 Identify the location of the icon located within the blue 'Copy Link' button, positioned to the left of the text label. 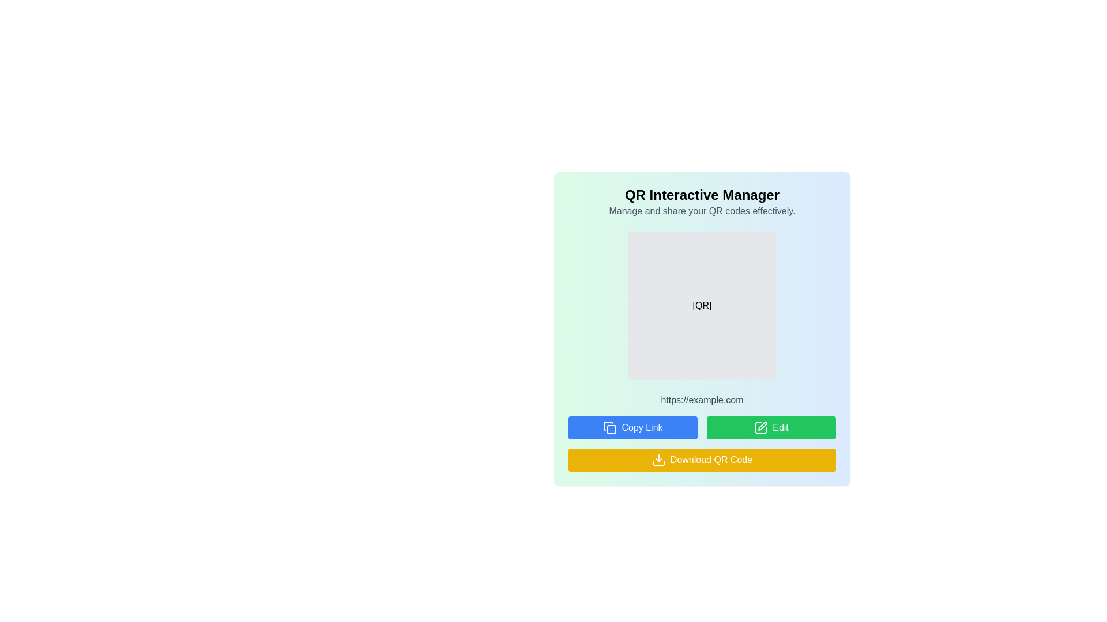
(609, 428).